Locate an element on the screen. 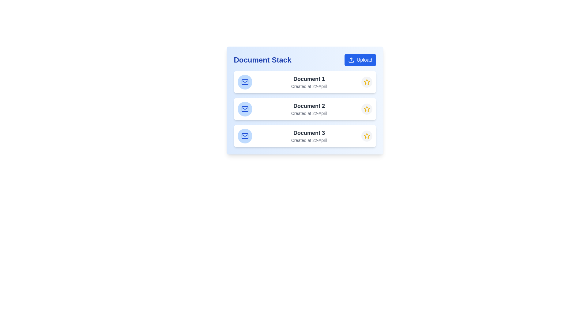 This screenshot has height=331, width=588. the text label displaying 'Created at 22-April', which is positioned below 'Document 1' in the document list is located at coordinates (309, 86).